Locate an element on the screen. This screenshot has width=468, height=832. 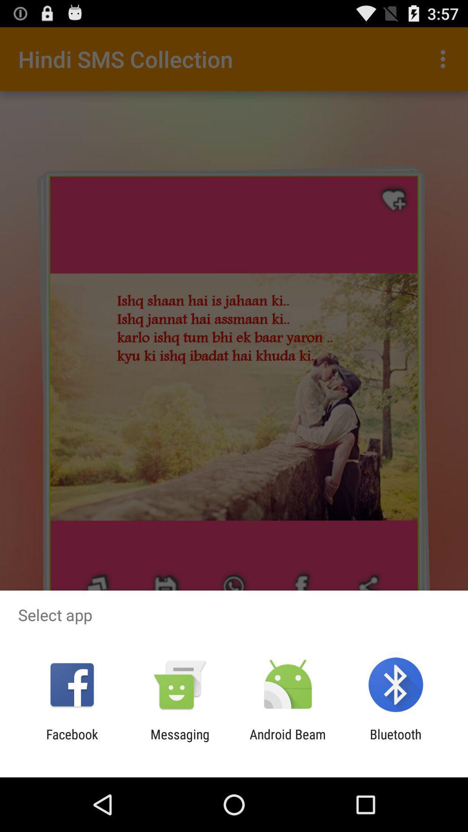
the app to the right of the facebook app is located at coordinates (179, 741).